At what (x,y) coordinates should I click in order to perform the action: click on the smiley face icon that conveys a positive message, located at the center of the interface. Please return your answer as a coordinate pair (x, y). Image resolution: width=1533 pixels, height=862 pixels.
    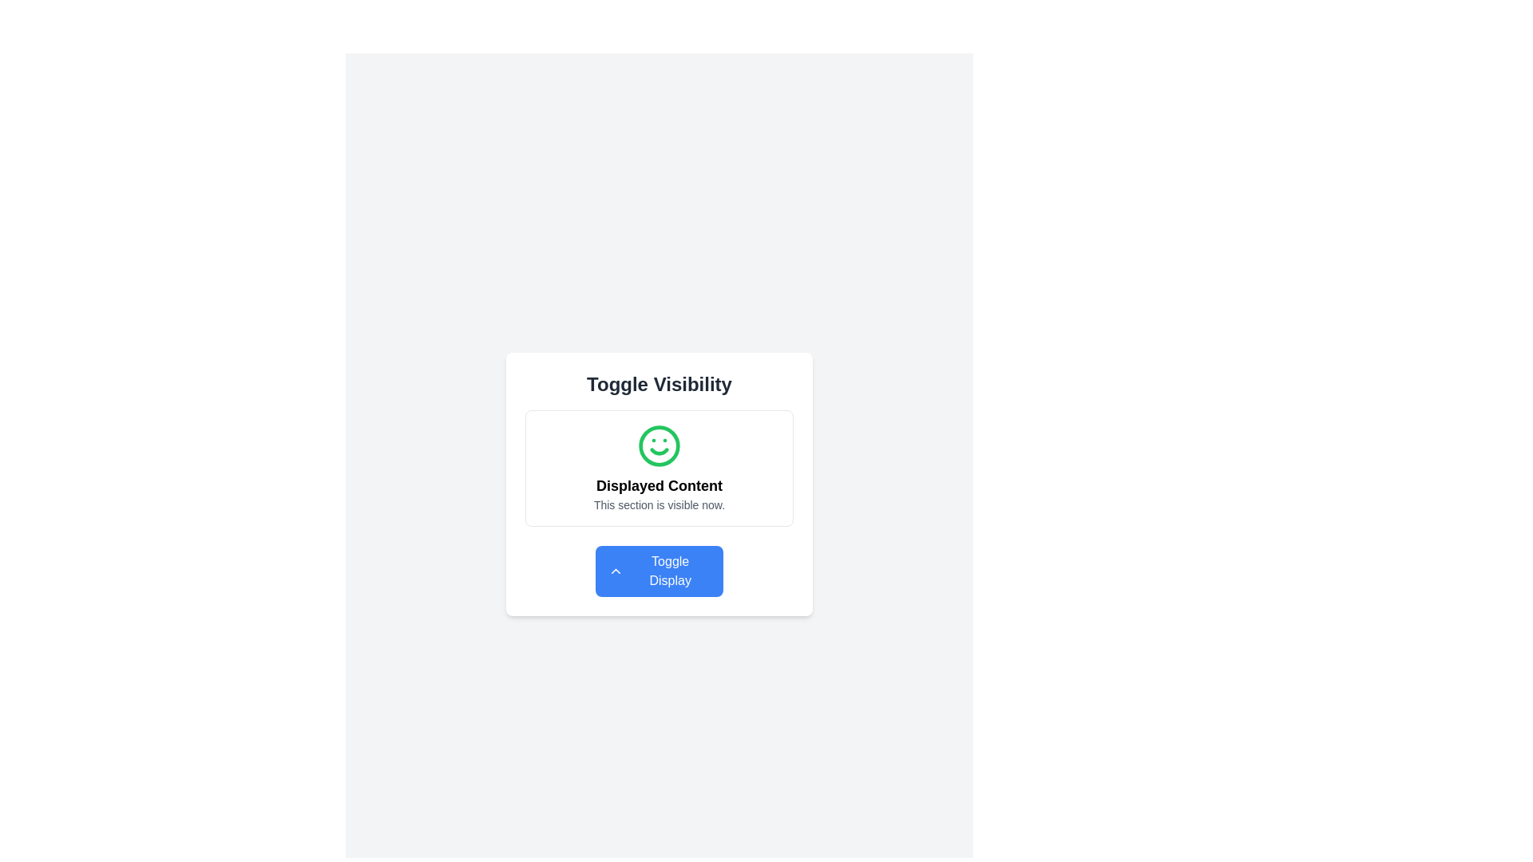
    Looking at the image, I should click on (659, 446).